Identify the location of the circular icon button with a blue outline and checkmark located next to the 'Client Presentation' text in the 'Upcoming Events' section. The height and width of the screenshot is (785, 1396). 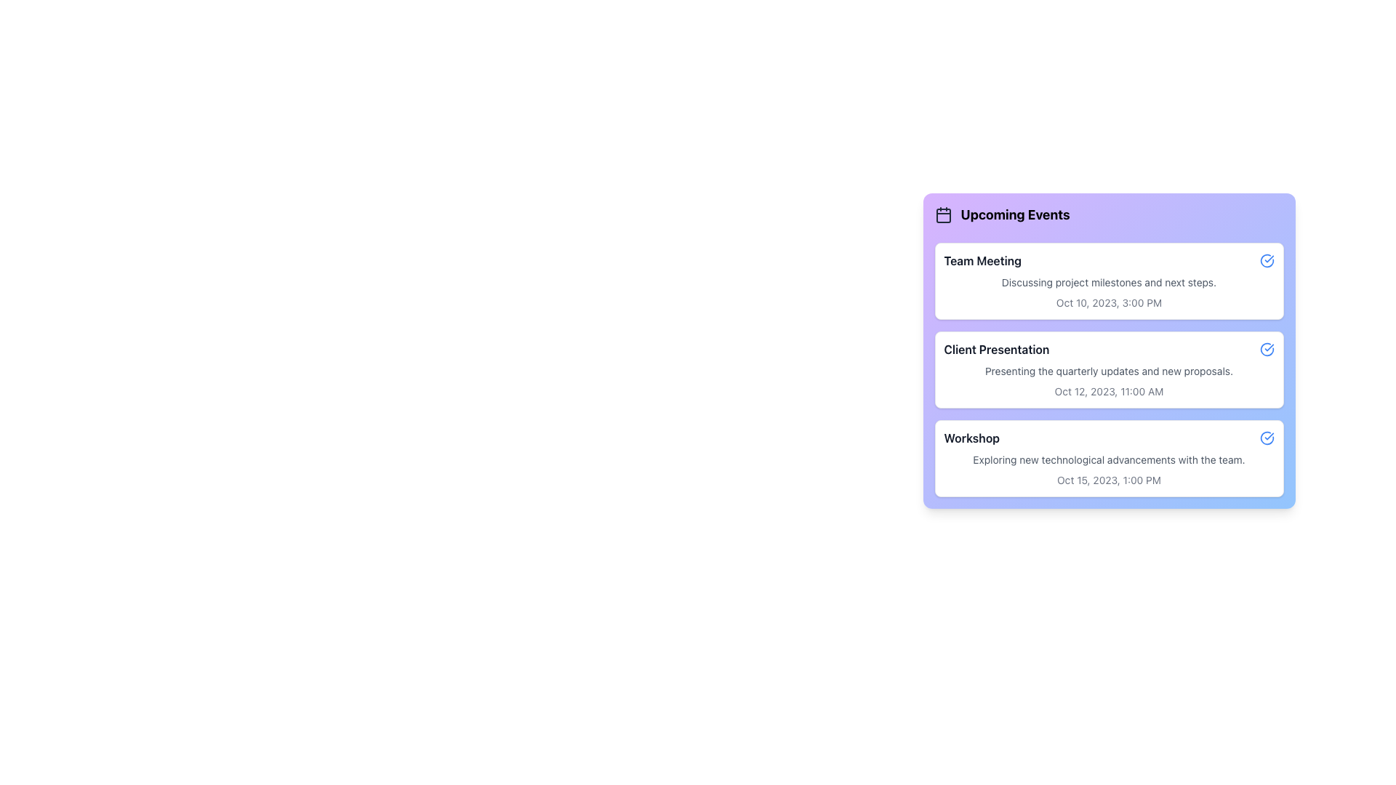
(1266, 350).